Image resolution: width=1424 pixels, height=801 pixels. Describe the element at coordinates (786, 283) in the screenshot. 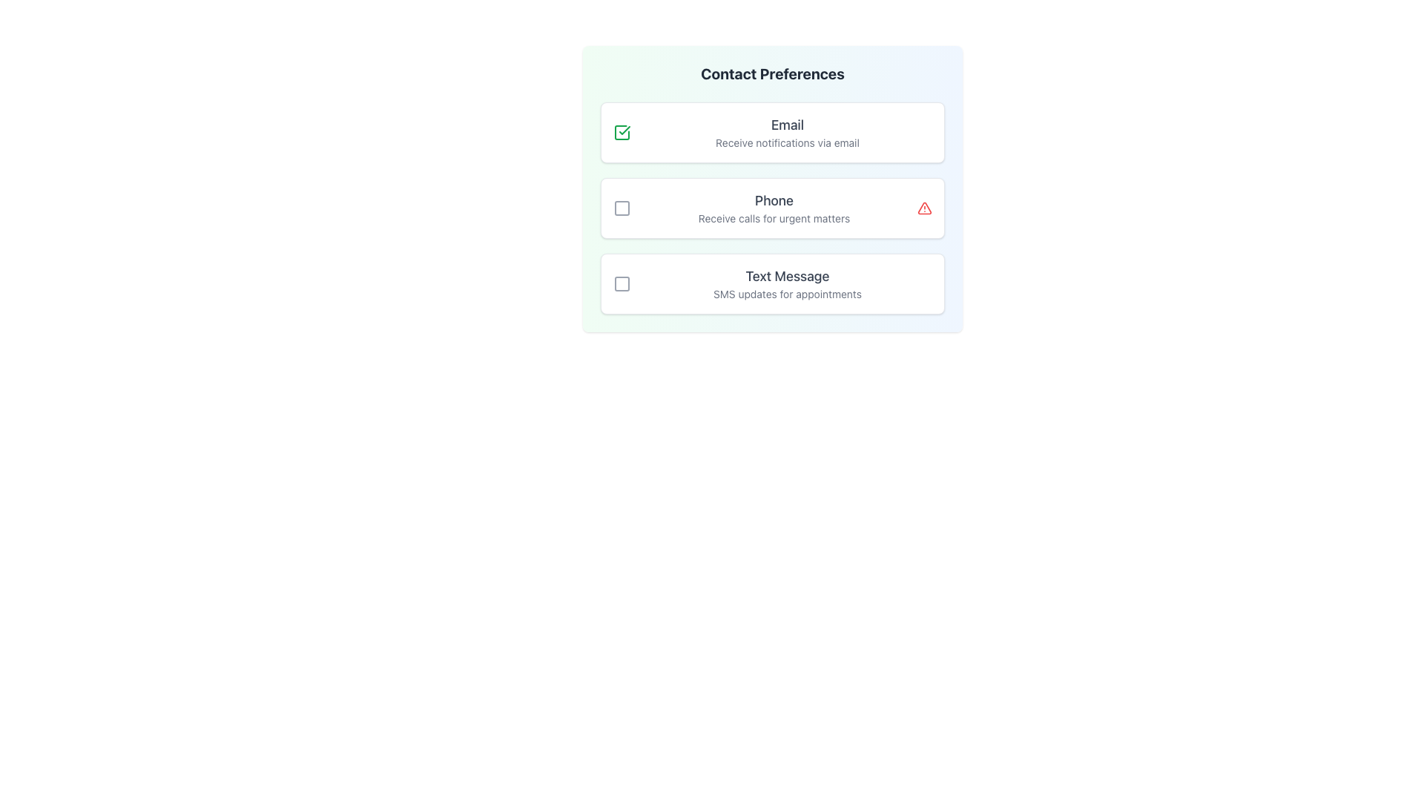

I see `the Text Label that displays 'Text Message' and 'SMS updates for appointments', located below the 'Phone' component in the 'Contact Preferences' section` at that location.